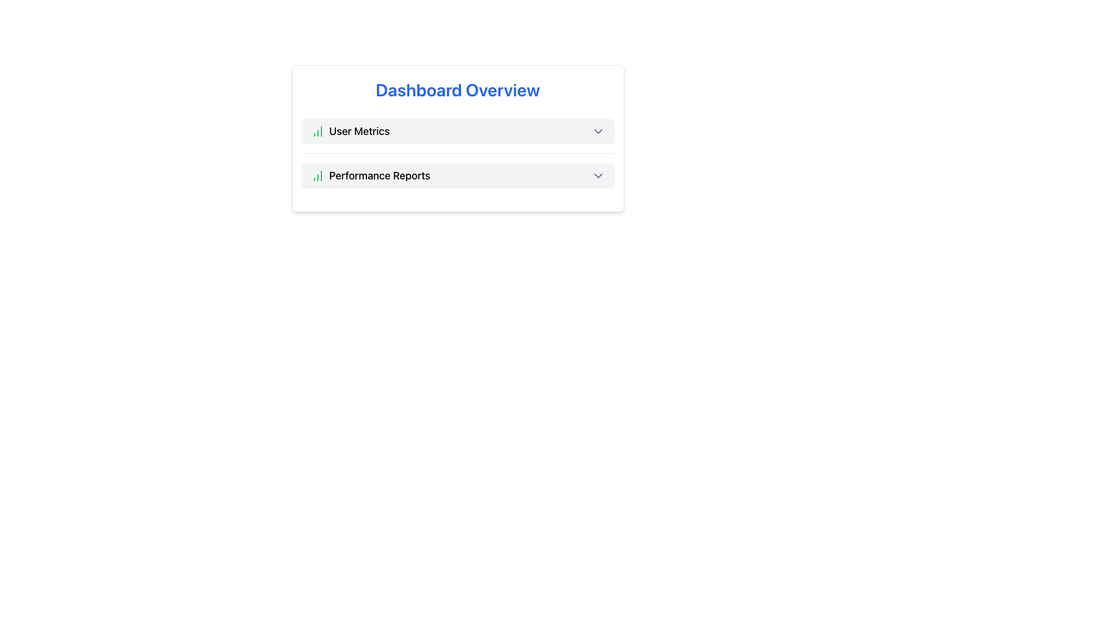 Image resolution: width=1108 pixels, height=623 pixels. I want to click on the 'User Metrics' button, which is a rounded rectangular button with a light gray background, so click(457, 130).